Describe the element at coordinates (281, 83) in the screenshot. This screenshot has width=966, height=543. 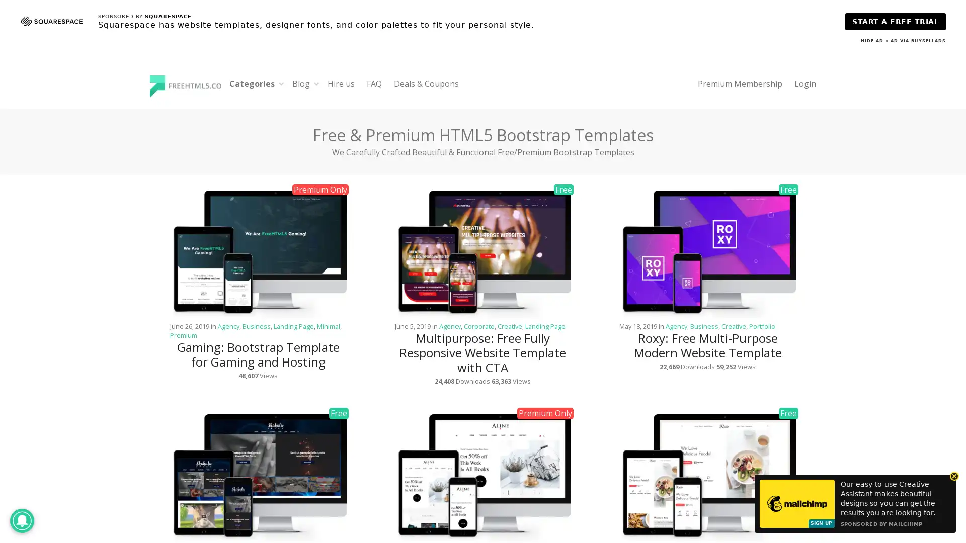
I see `Expand child menu` at that location.